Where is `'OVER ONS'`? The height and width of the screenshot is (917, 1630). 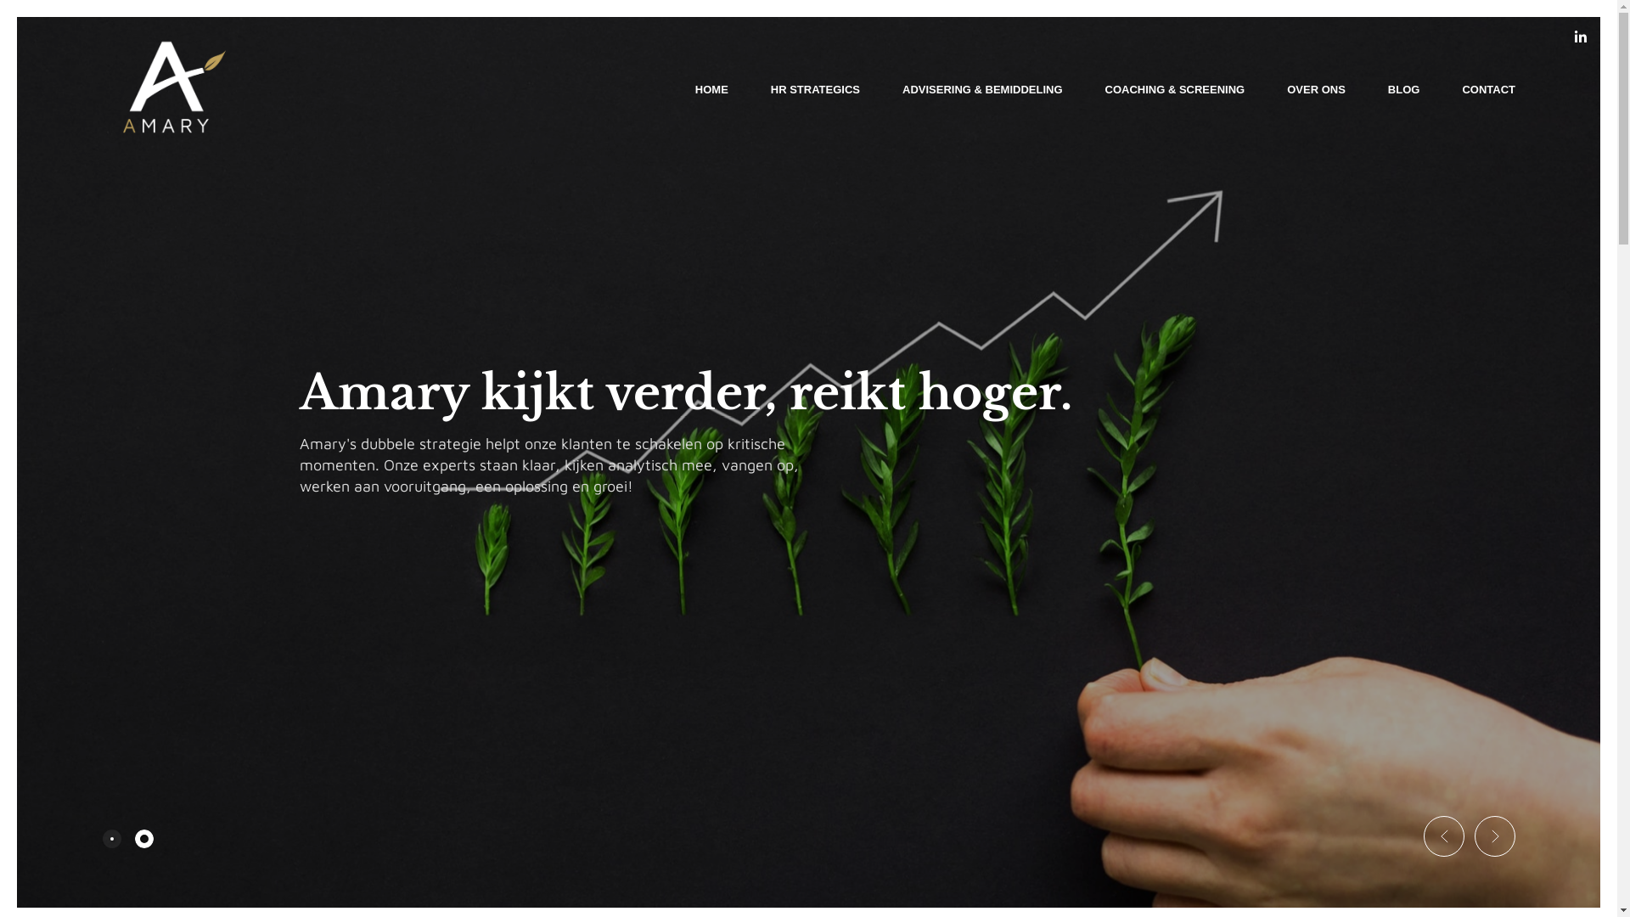 'OVER ONS' is located at coordinates (1315, 89).